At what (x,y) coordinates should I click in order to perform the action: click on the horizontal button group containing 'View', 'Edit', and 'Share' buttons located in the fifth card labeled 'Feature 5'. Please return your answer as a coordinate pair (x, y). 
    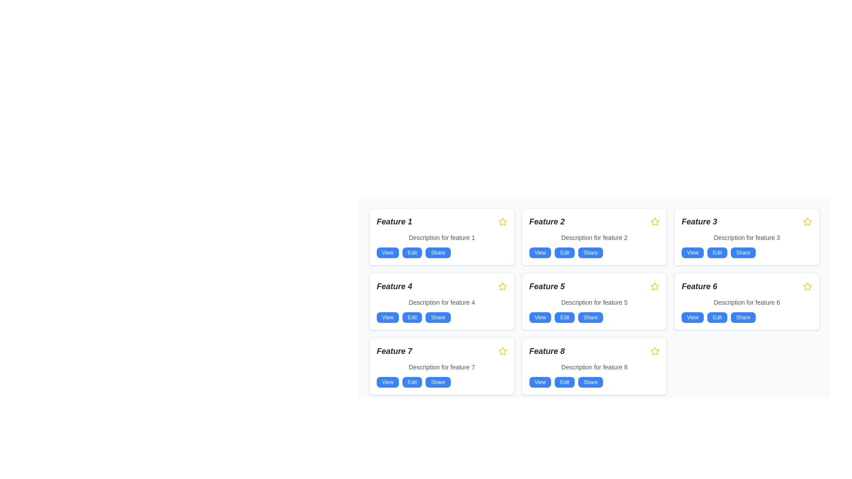
    Looking at the image, I should click on (594, 317).